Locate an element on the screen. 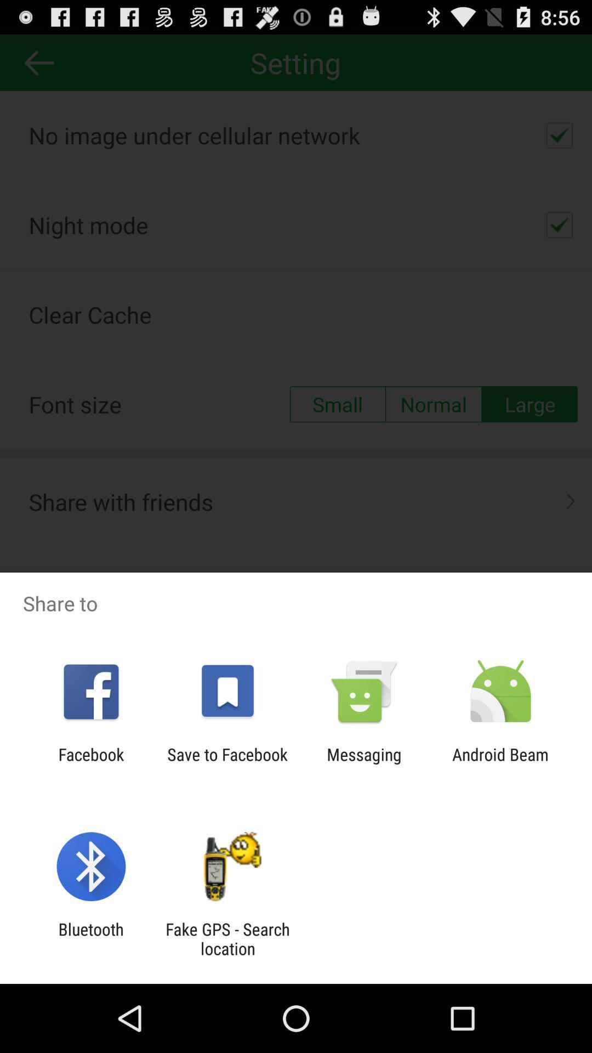 The height and width of the screenshot is (1053, 592). the fake gps search app is located at coordinates (227, 938).